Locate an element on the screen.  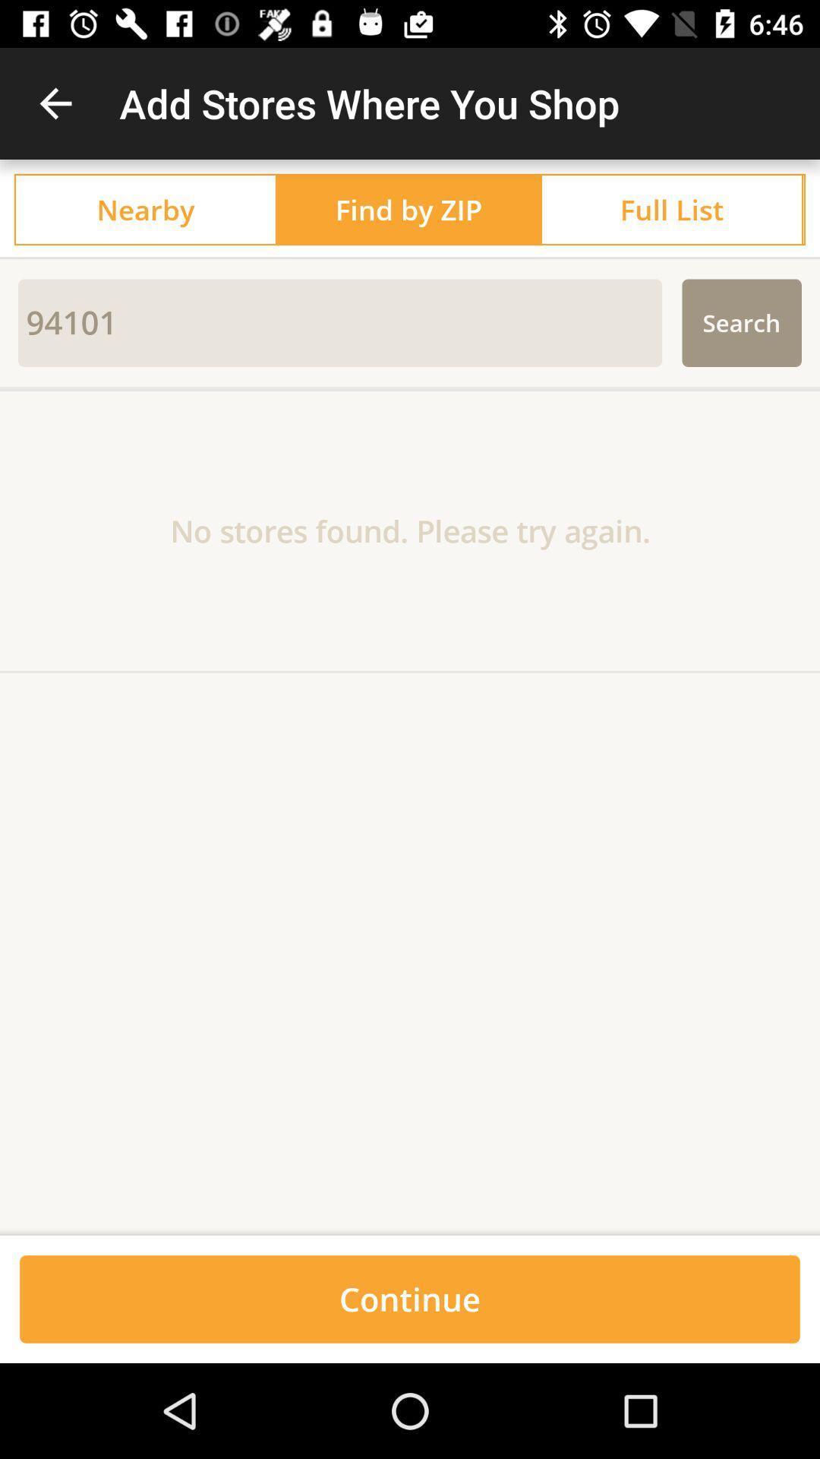
the item below nearby is located at coordinates (410, 258).